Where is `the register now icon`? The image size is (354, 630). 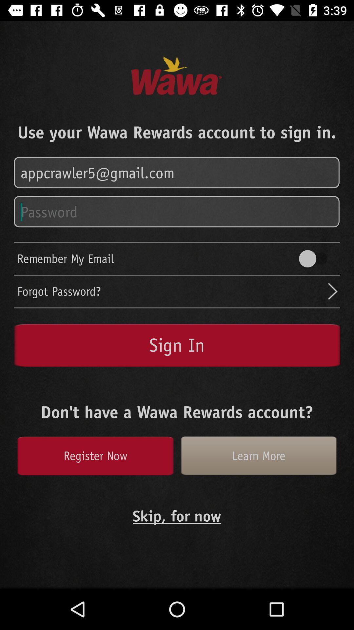
the register now icon is located at coordinates (95, 455).